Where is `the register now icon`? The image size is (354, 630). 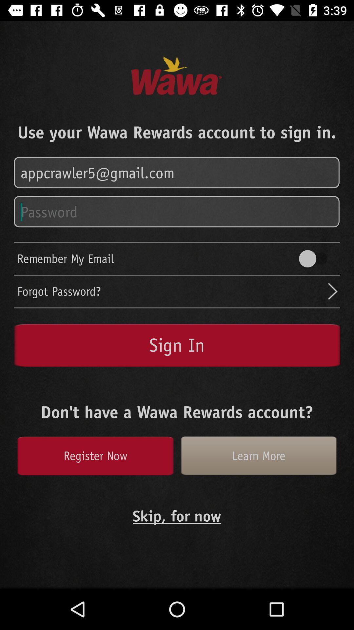
the register now icon is located at coordinates (95, 455).